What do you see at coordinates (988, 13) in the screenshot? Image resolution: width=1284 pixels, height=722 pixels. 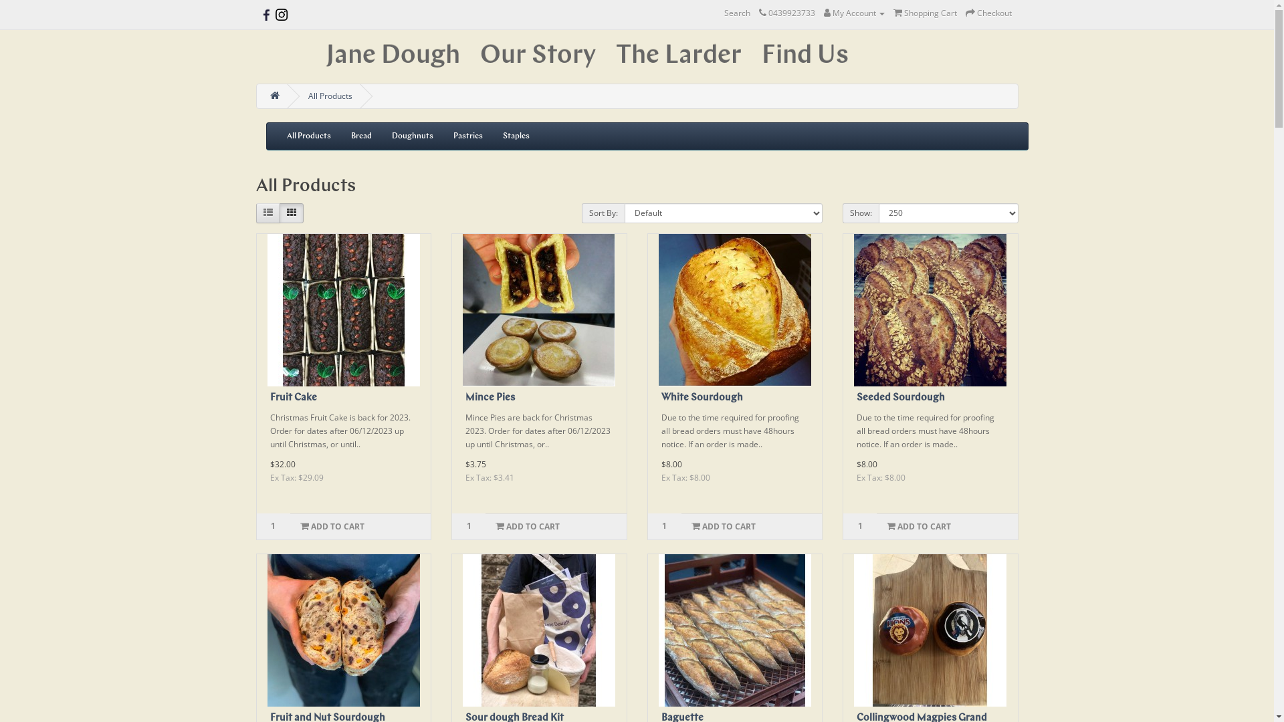 I see `'Checkout'` at bounding box center [988, 13].